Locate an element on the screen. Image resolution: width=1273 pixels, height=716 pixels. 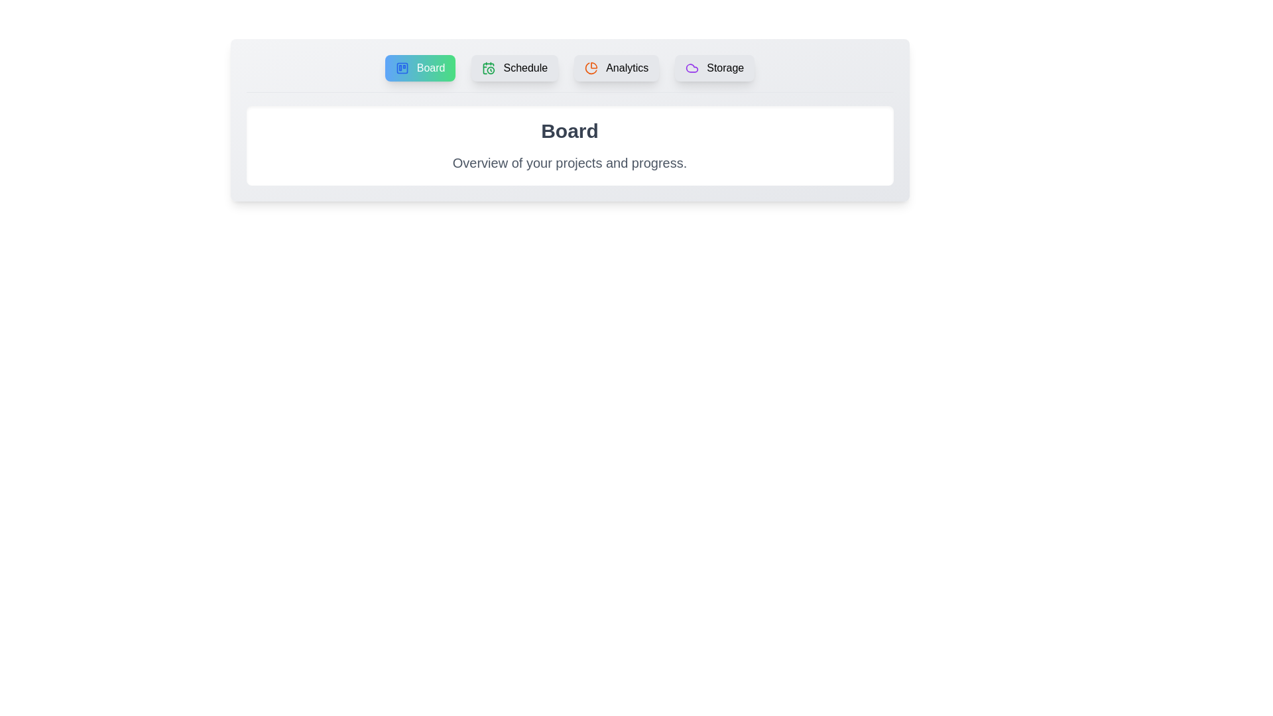
the tab corresponding to Schedule in the tab menu is located at coordinates (515, 68).